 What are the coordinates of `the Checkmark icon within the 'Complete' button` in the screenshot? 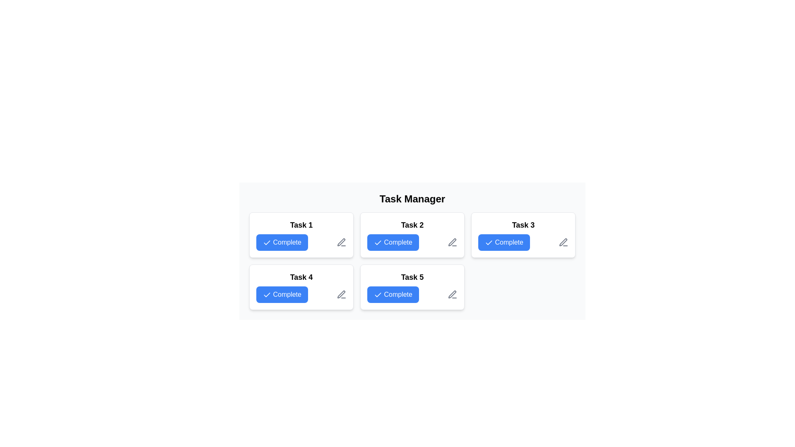 It's located at (377, 242).